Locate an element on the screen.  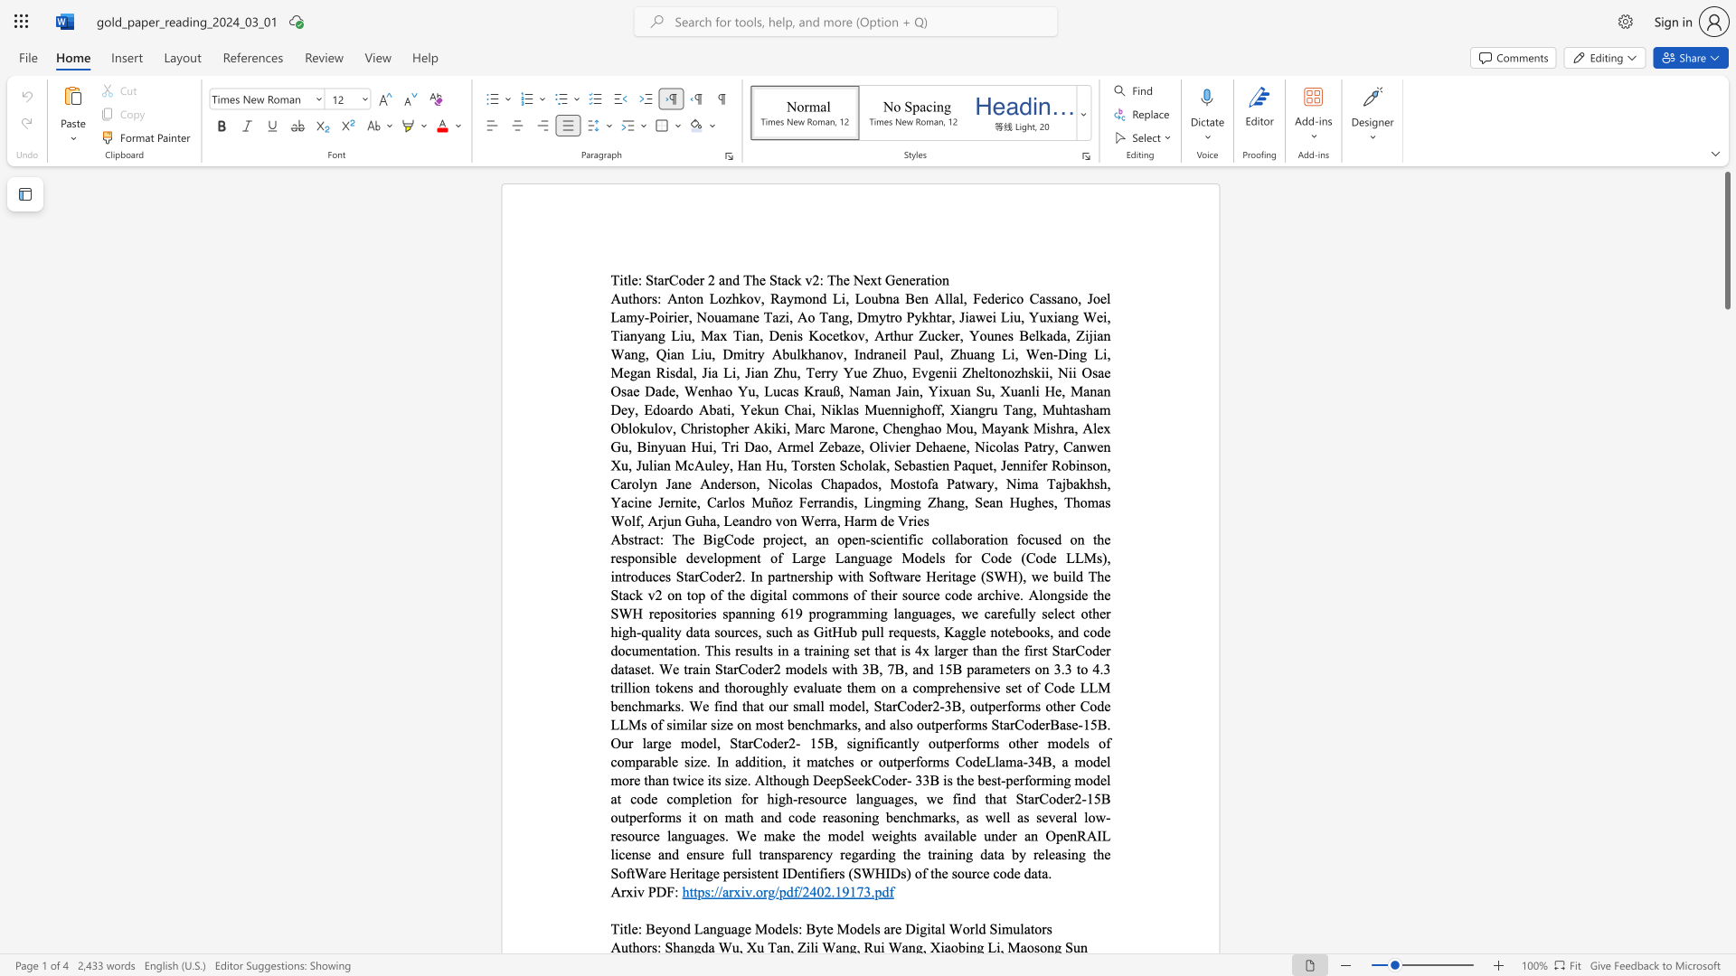
the scrollbar on the side is located at coordinates (1726, 875).